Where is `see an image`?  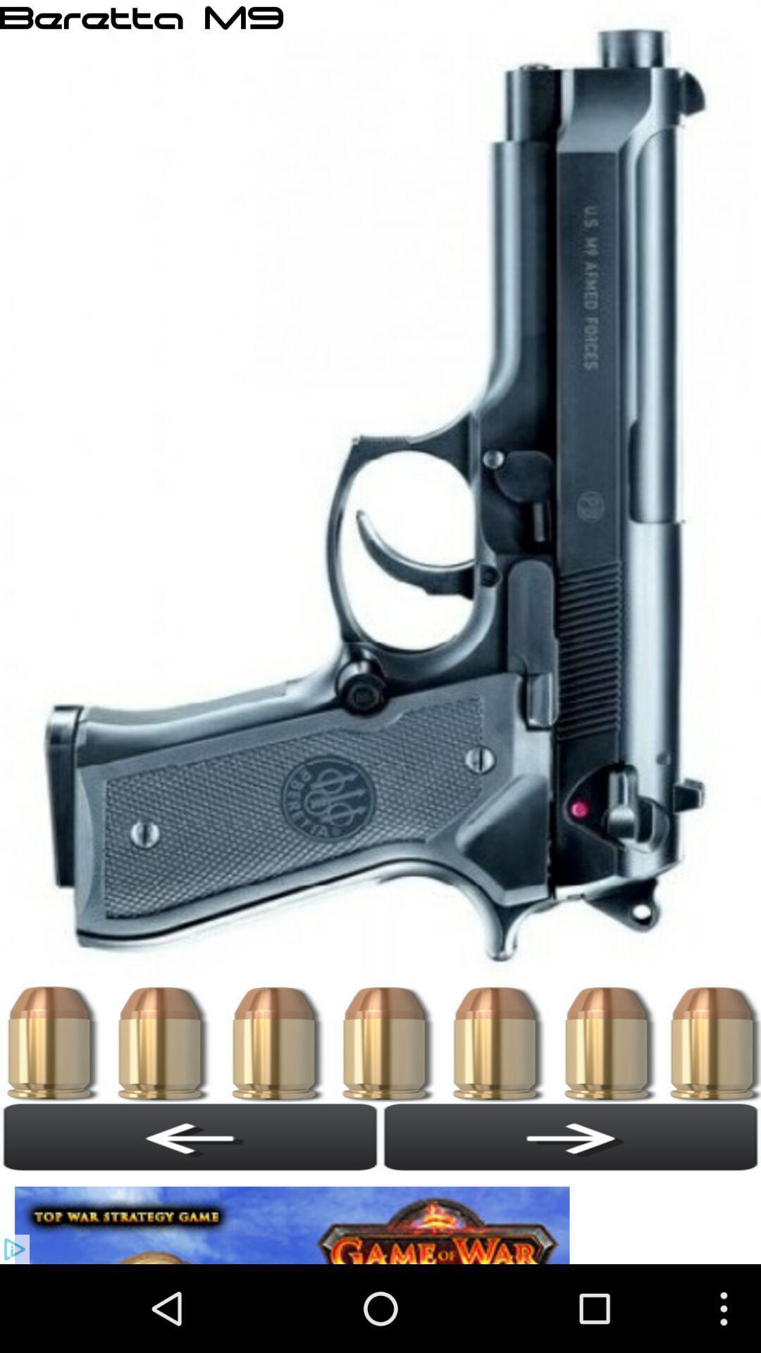 see an image is located at coordinates (295, 1217).